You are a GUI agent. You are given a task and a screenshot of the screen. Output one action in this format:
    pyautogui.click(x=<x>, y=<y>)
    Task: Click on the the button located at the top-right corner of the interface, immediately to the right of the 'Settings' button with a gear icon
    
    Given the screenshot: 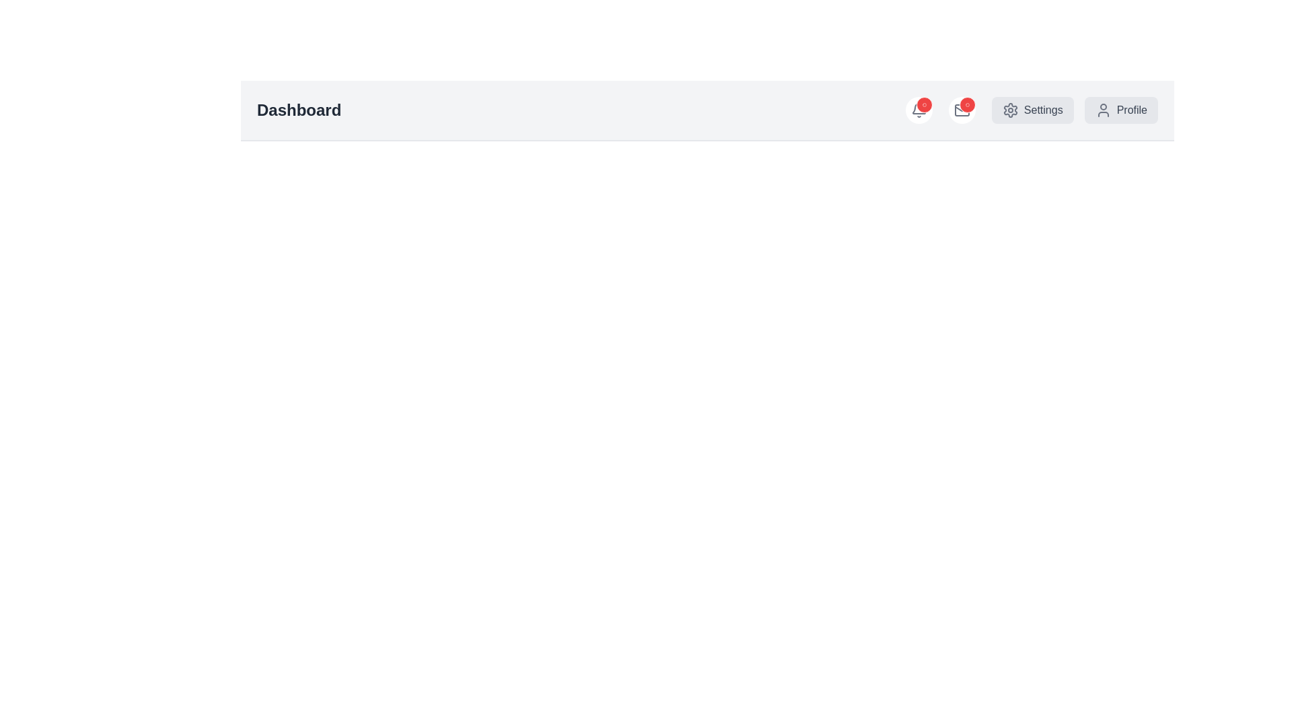 What is the action you would take?
    pyautogui.click(x=1121, y=110)
    